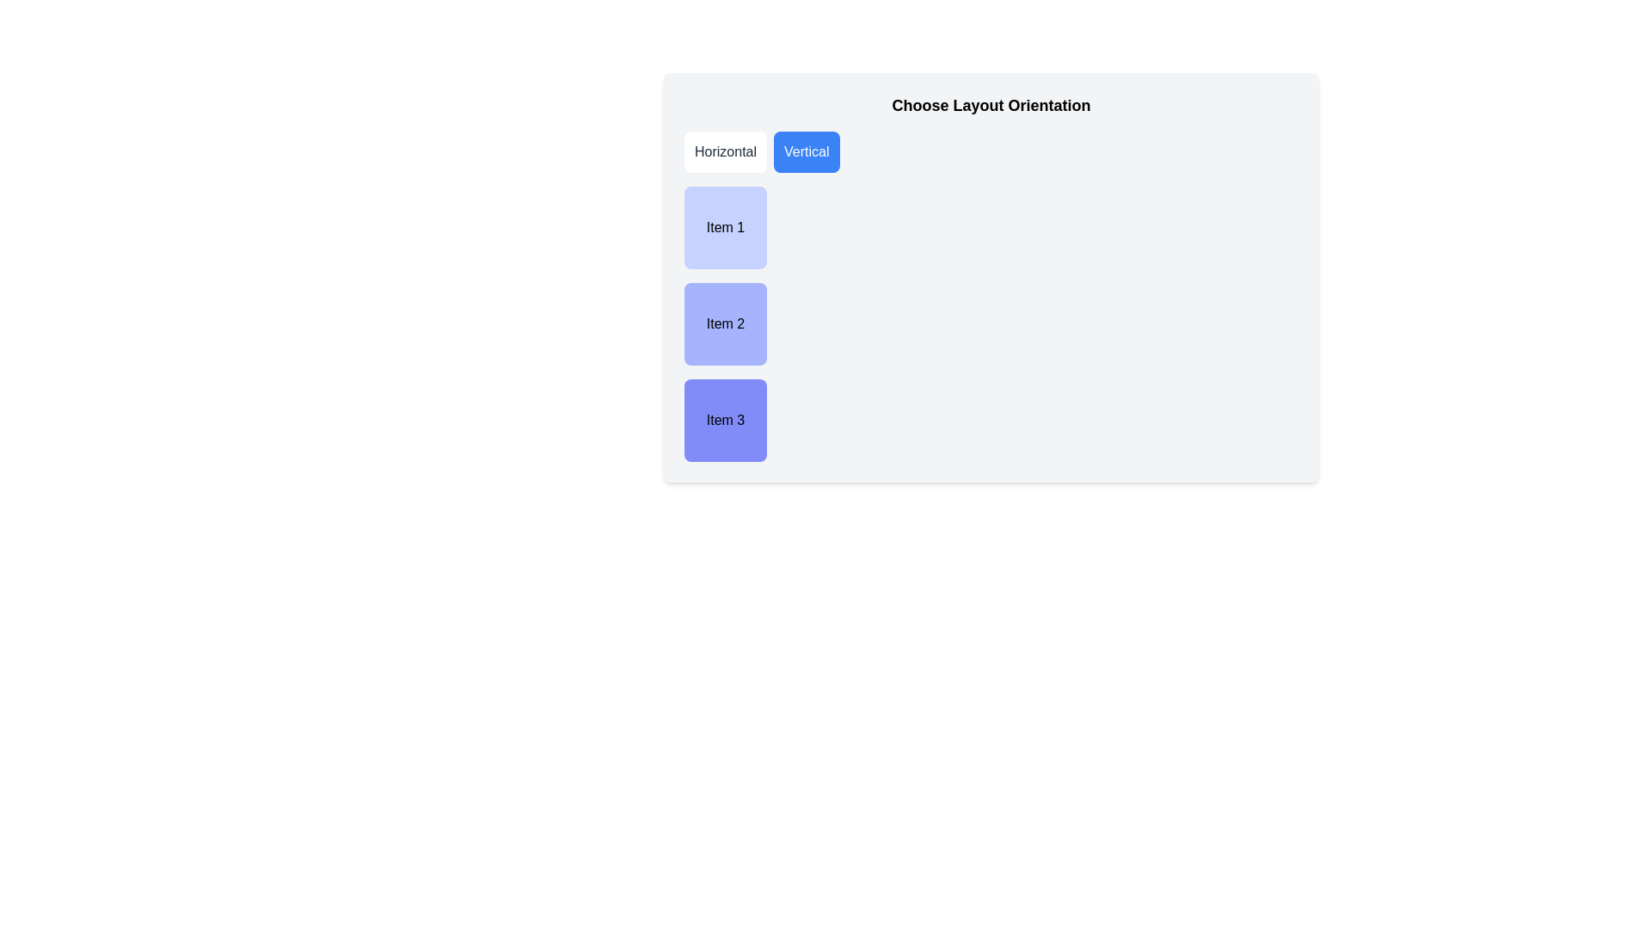  I want to click on the first labeled, non-interactive item in the vertical list, located below the 'Horizontal' and 'Vertical' buttons, so click(726, 227).